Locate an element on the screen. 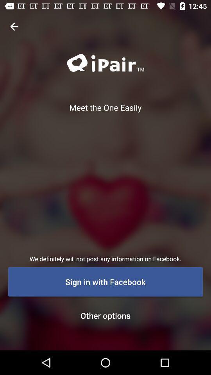 The width and height of the screenshot is (211, 375). the other options item is located at coordinates (105, 315).